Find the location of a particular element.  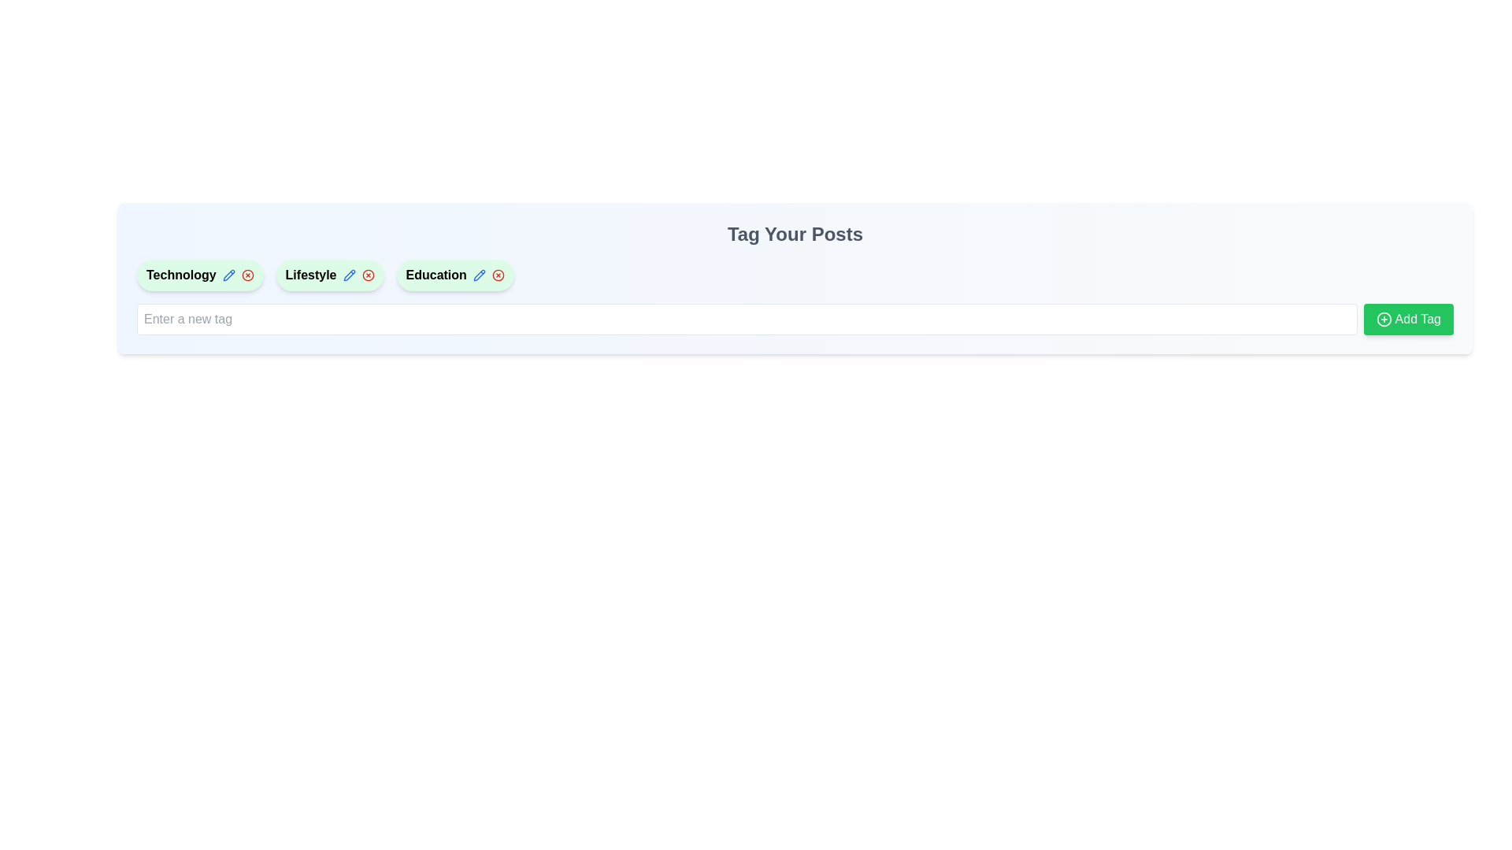

the blue pencil-shaped icon located on the right side of the 'Lifestyle' tag to initiate the edit functionality is located at coordinates (348, 275).